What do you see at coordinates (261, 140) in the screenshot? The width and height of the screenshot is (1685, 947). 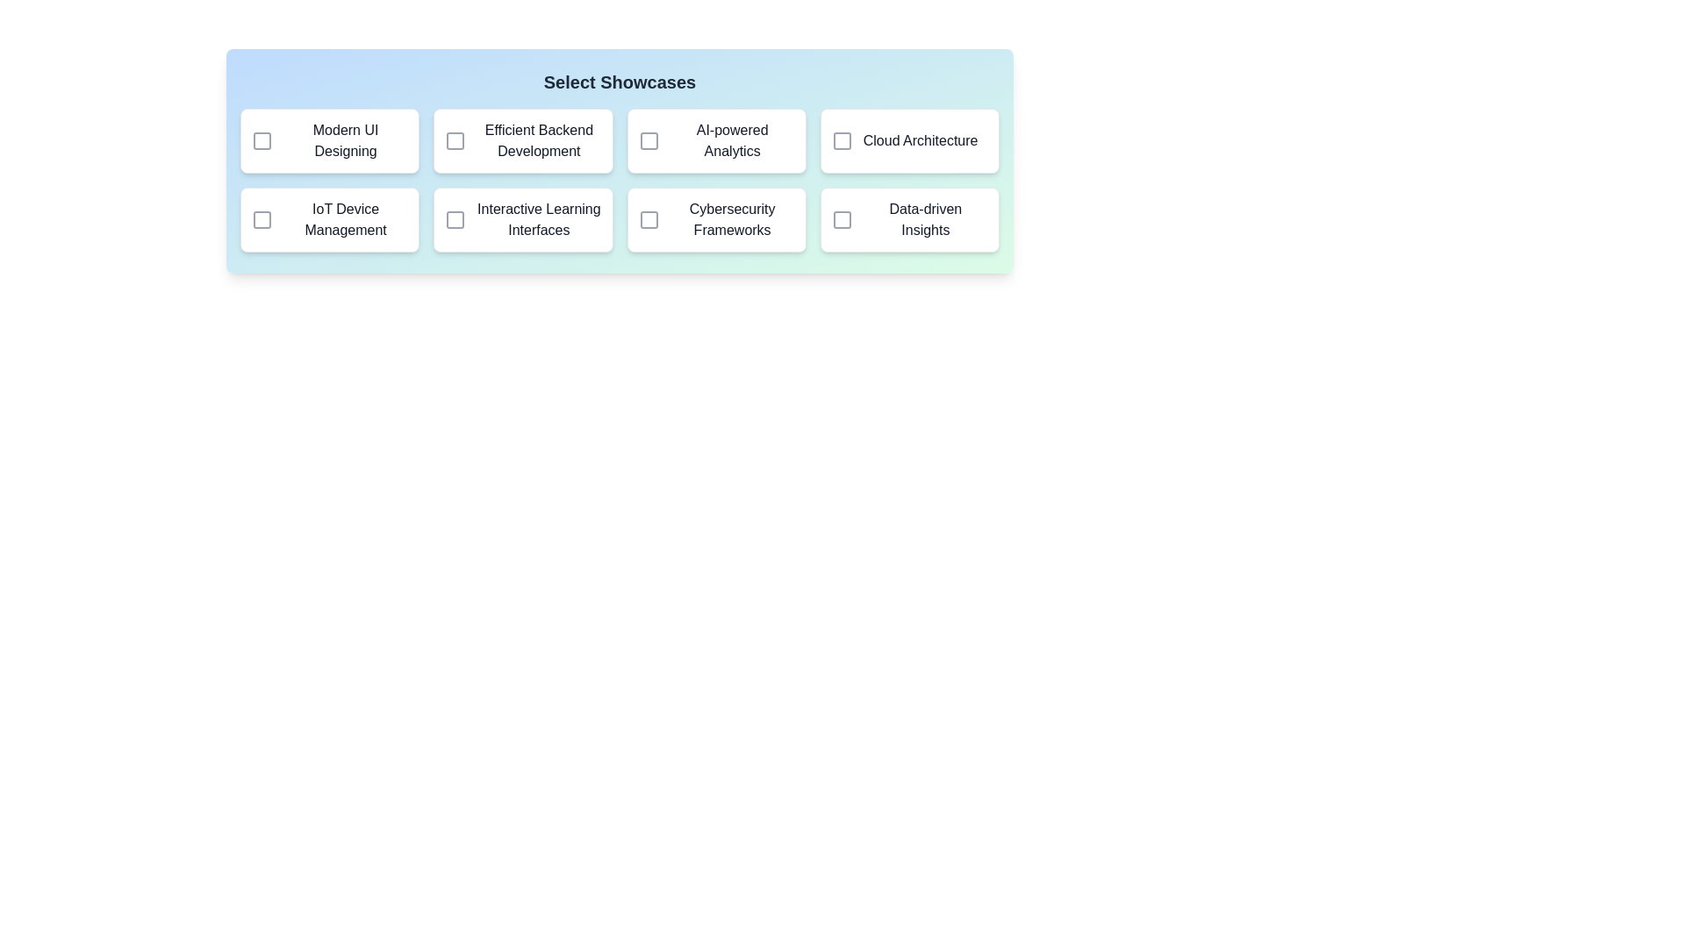 I see `the showcase corresponding to Modern UI Designing` at bounding box center [261, 140].